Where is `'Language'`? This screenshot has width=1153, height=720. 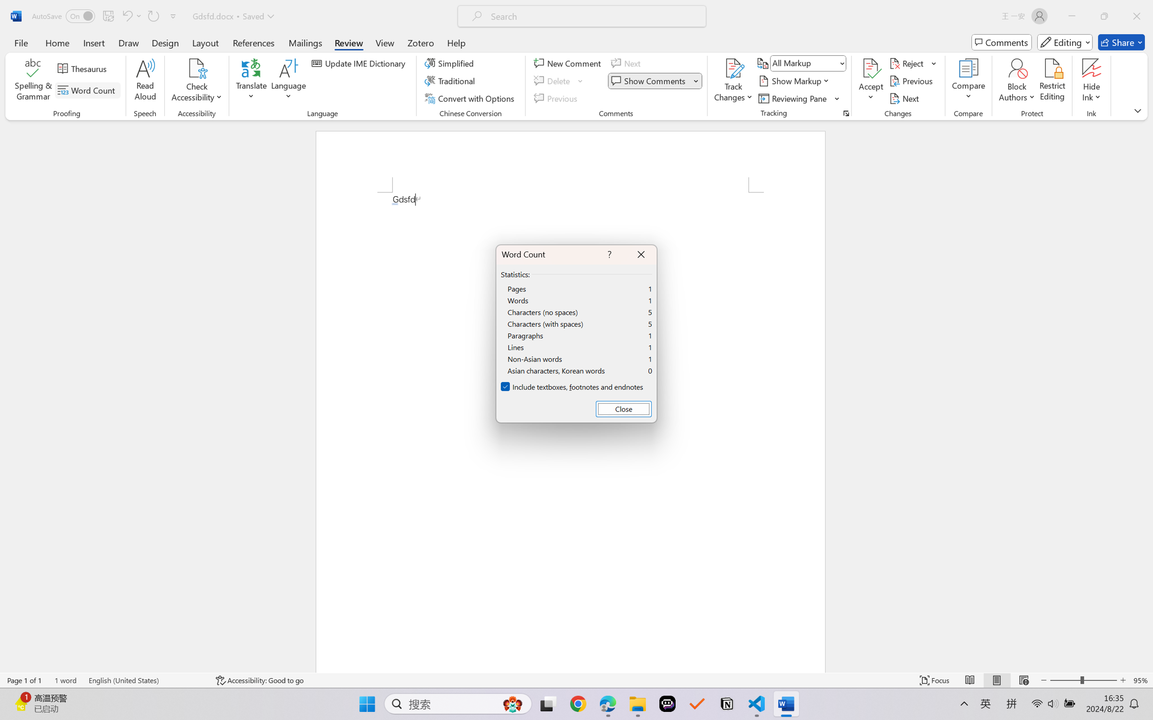 'Language' is located at coordinates (288, 81).